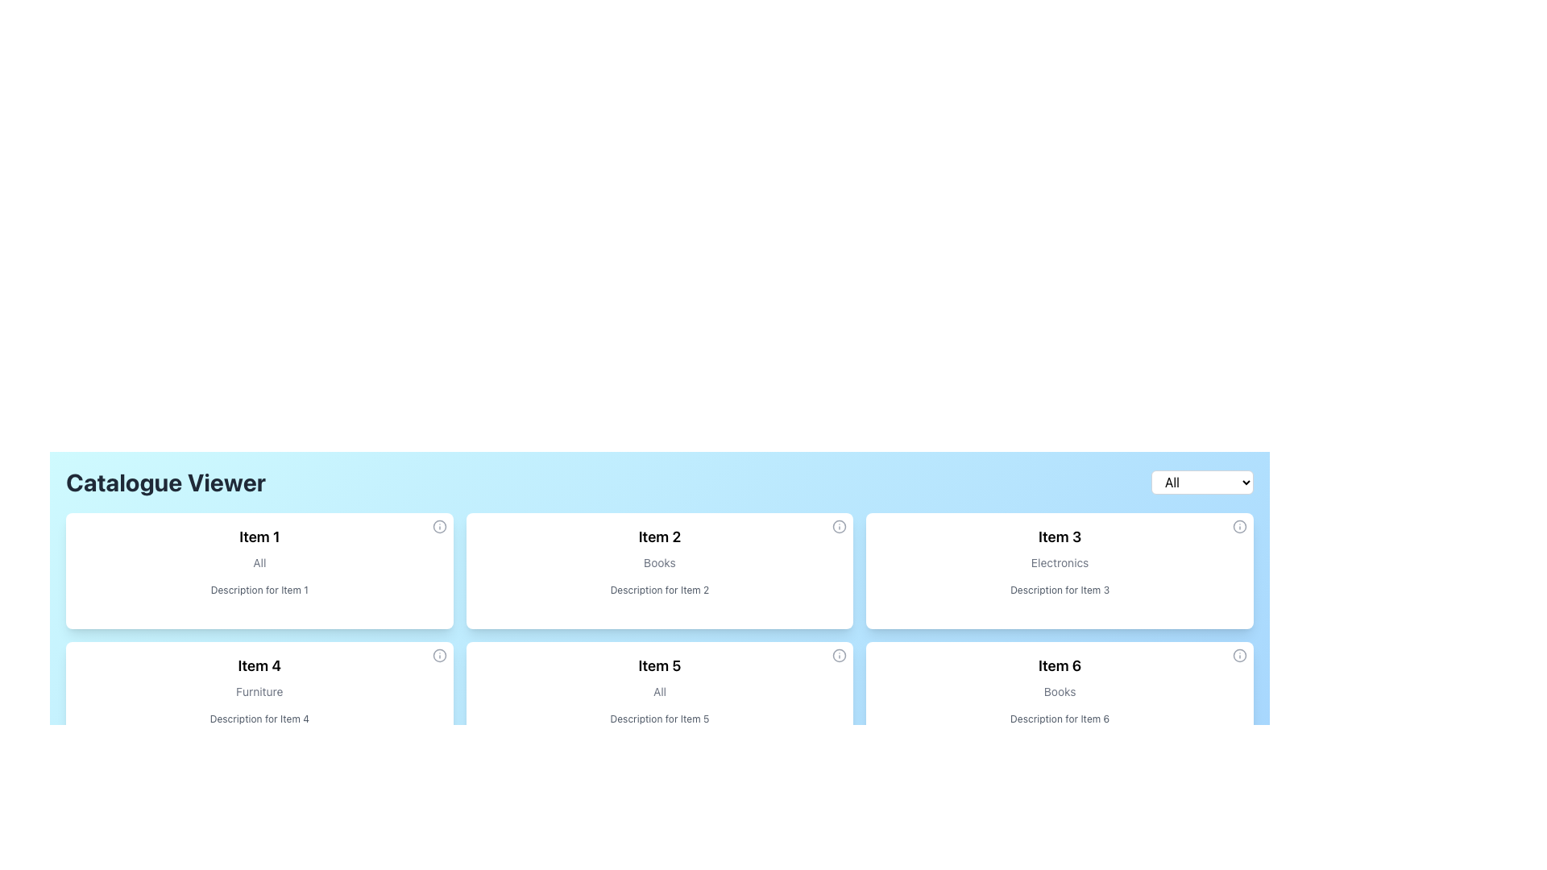 This screenshot has height=870, width=1547. Describe the element at coordinates (660, 537) in the screenshot. I see `text of the 'Item 2' label, which is a bold, dark text label located at the top of the second card in a row of three cards` at that location.